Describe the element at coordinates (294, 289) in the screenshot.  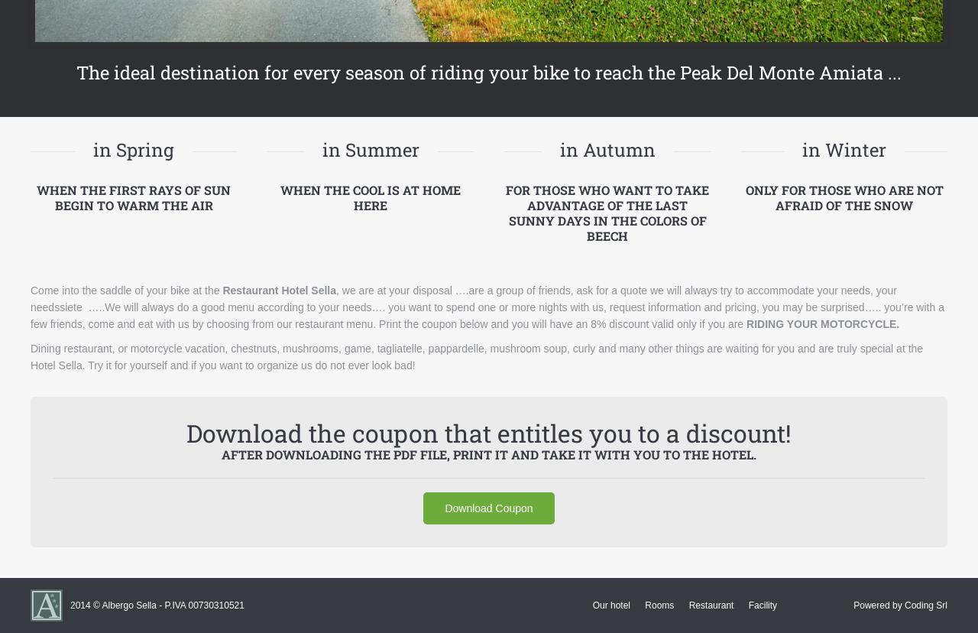
I see `'Hotel'` at that location.